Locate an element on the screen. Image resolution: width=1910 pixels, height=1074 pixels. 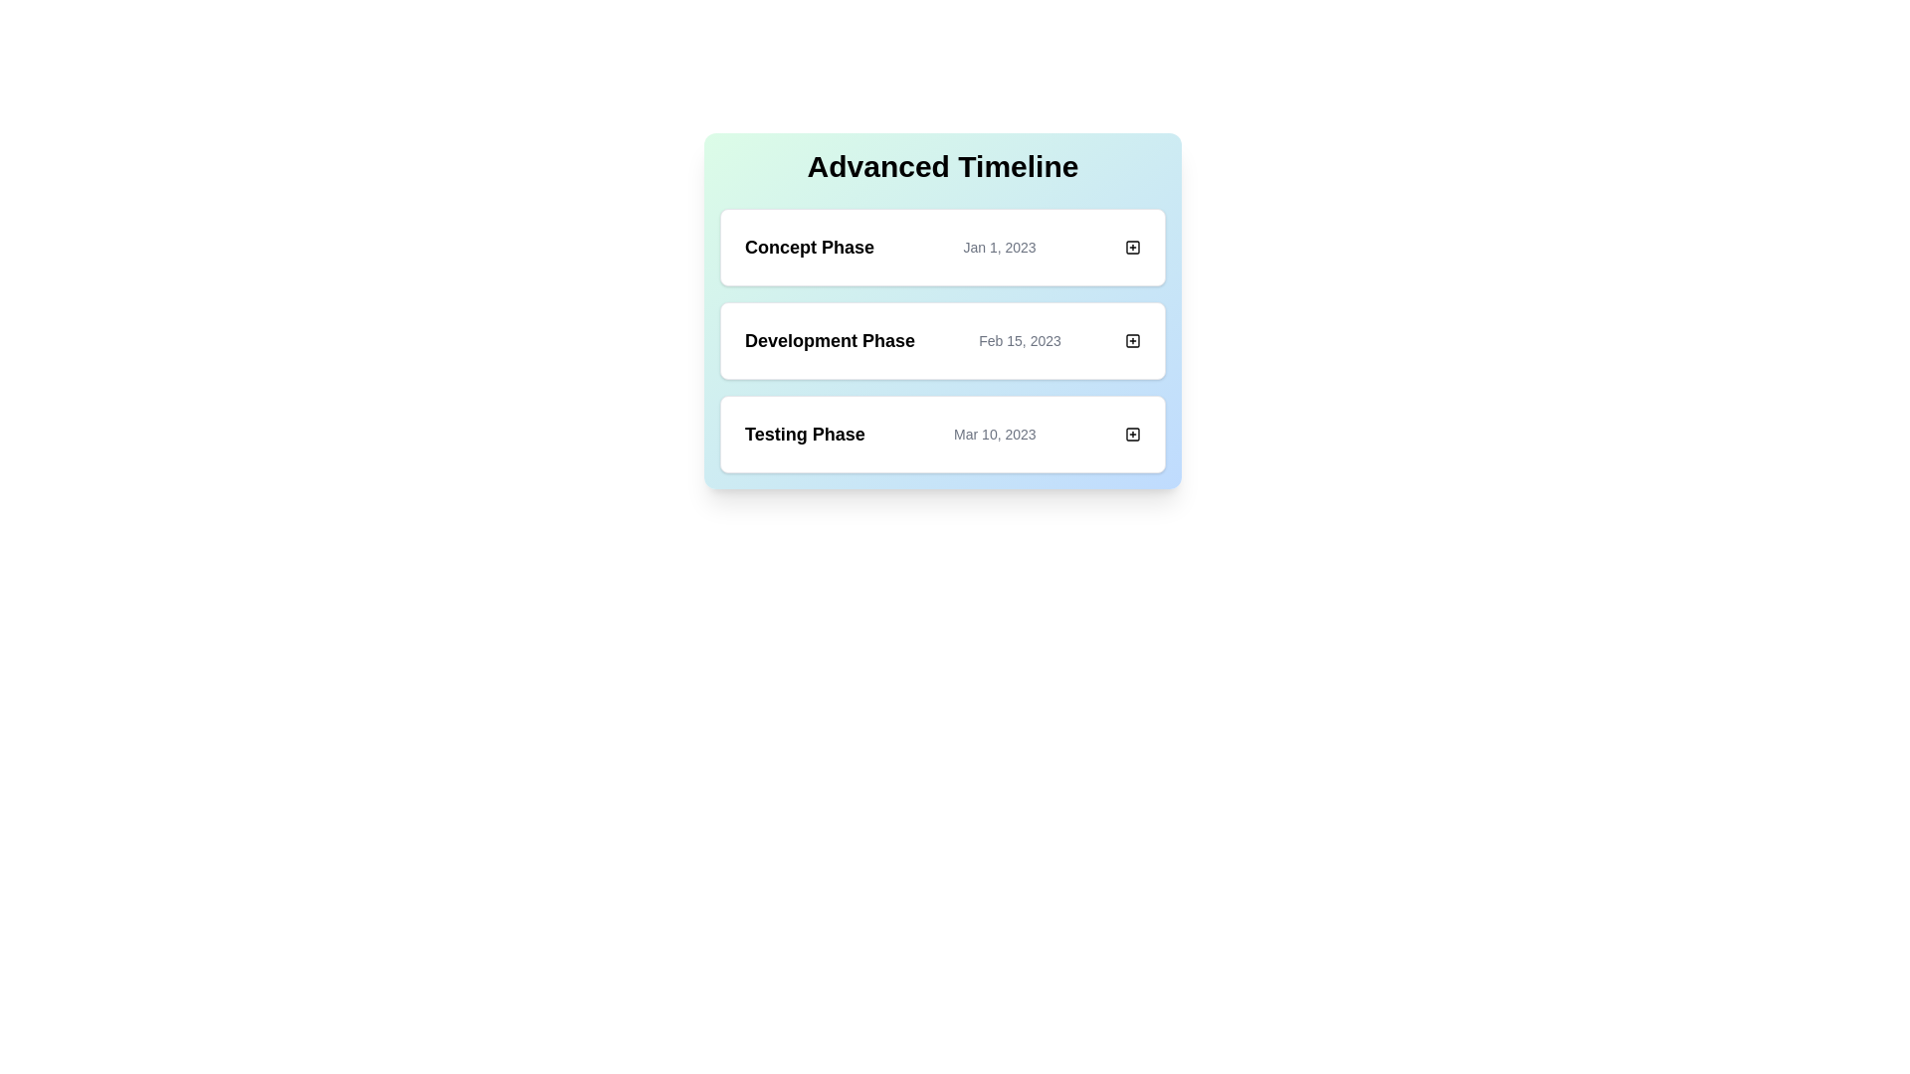
the title Text label located at the top-left section of the third card in a vertical list of three cards is located at coordinates (805, 433).